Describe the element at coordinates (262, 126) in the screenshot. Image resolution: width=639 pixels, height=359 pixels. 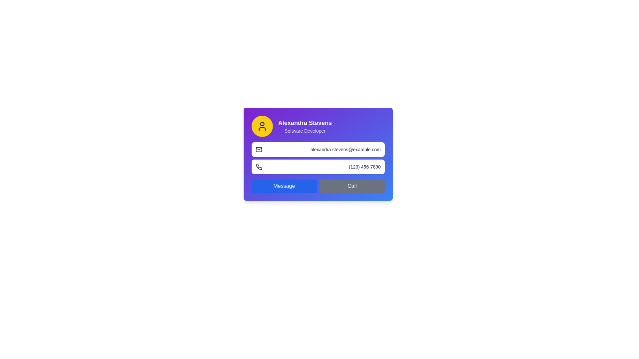
I see `the user avatar icon located at the top-left section of the profile card` at that location.